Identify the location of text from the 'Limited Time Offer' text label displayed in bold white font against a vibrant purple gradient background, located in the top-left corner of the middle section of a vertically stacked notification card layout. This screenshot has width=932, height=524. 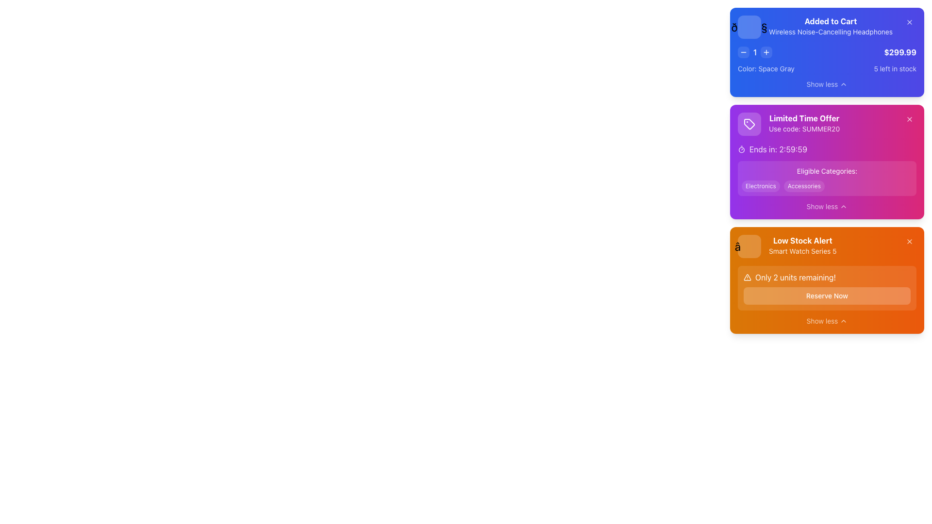
(804, 117).